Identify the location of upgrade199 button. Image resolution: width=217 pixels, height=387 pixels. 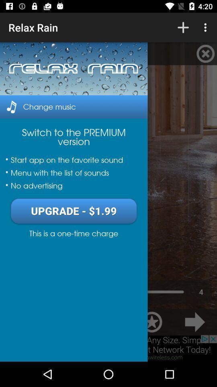
(74, 210).